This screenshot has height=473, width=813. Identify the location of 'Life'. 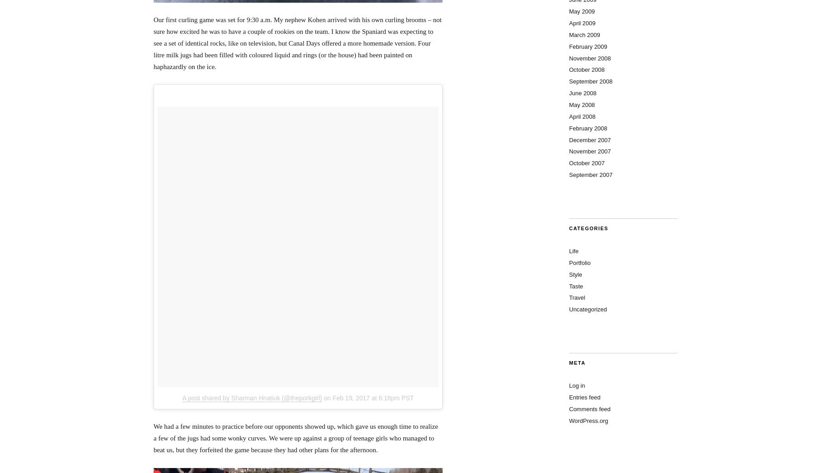
(569, 250).